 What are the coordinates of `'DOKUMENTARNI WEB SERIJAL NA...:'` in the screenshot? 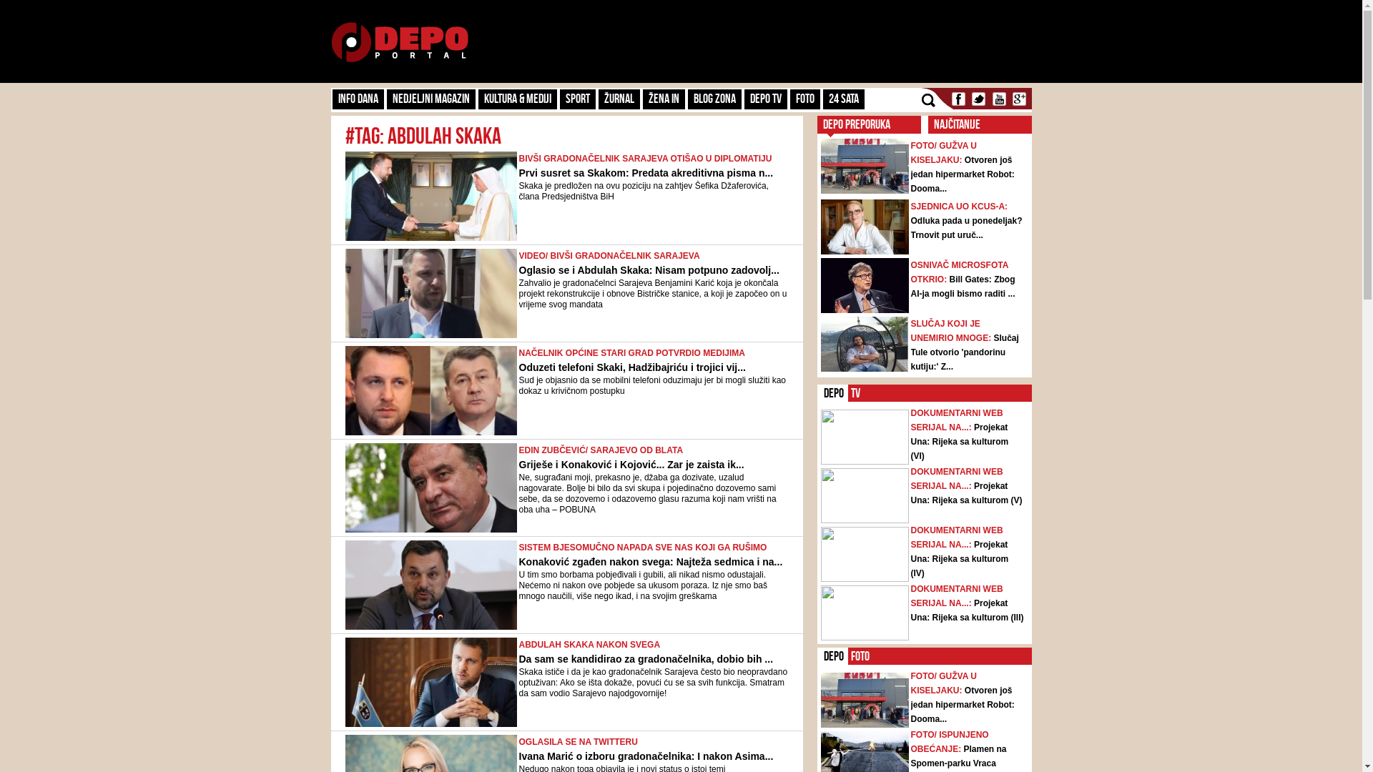 It's located at (957, 538).